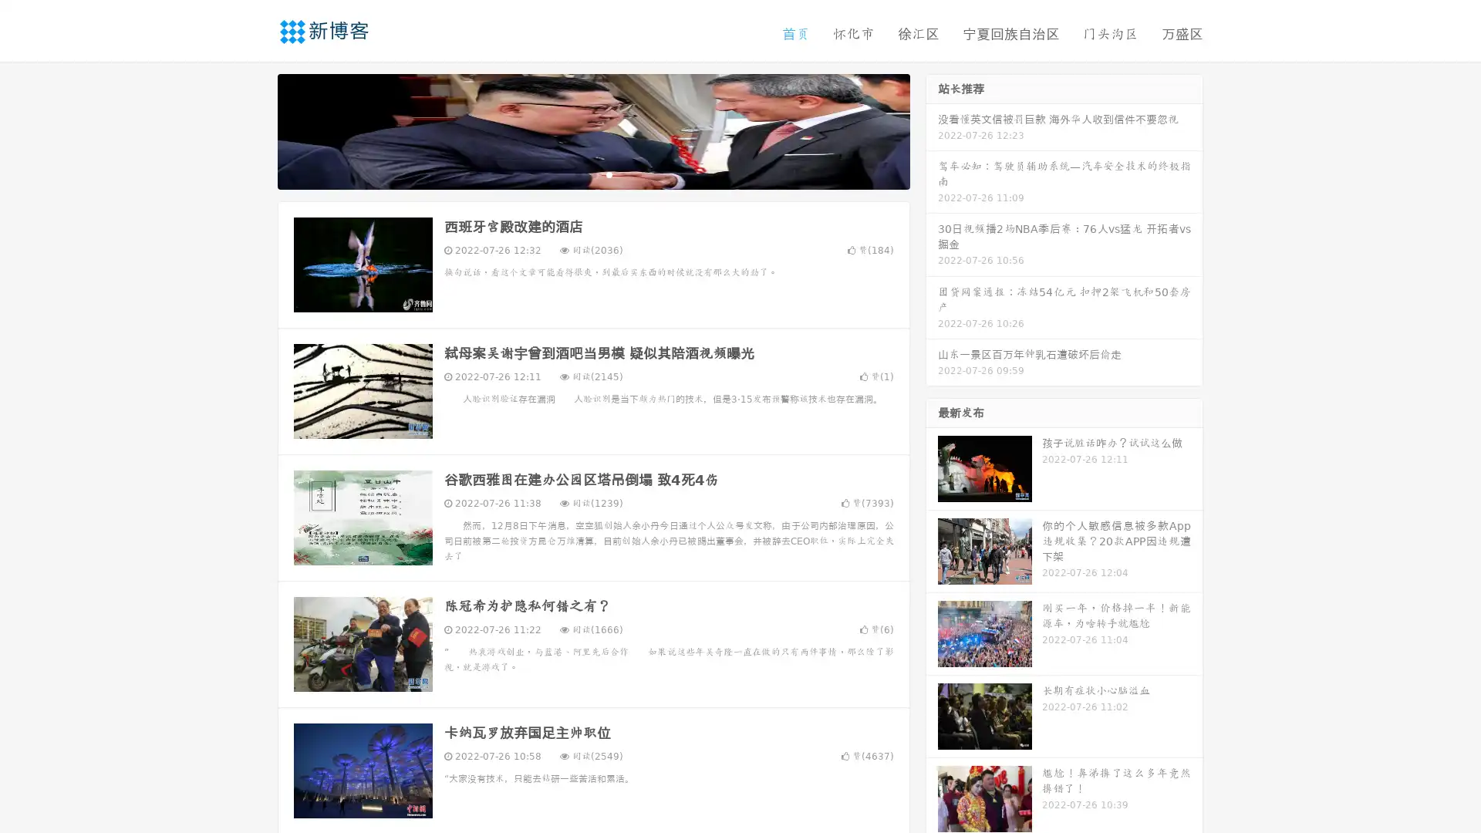  I want to click on Go to slide 3, so click(609, 174).